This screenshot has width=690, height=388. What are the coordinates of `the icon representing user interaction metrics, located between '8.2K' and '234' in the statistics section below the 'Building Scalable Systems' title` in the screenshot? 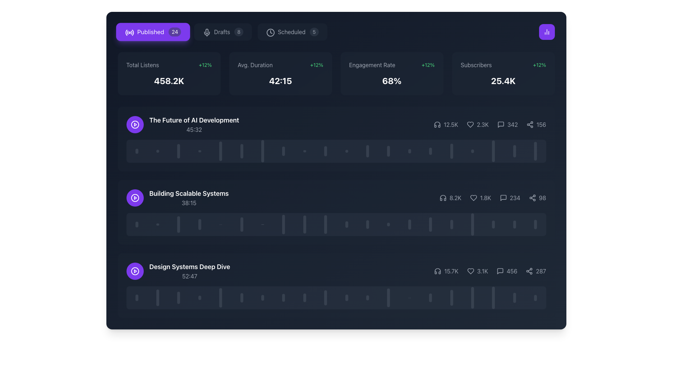 It's located at (480, 198).